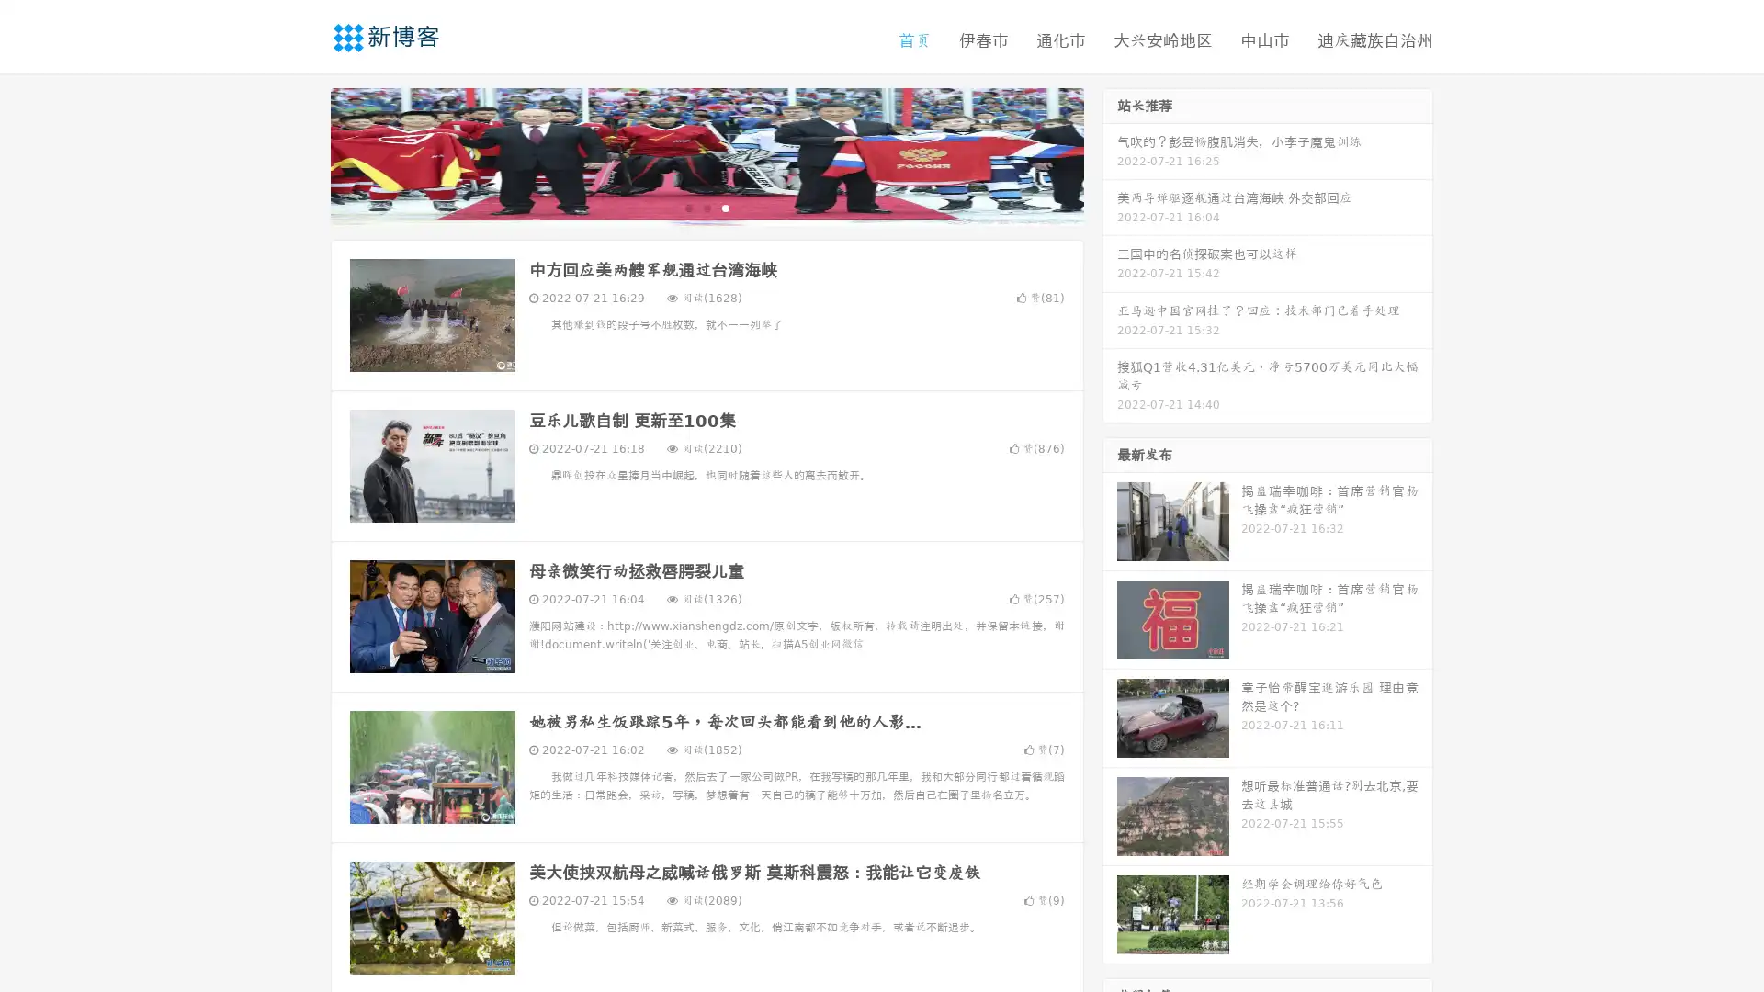  I want to click on Previous slide, so click(303, 154).